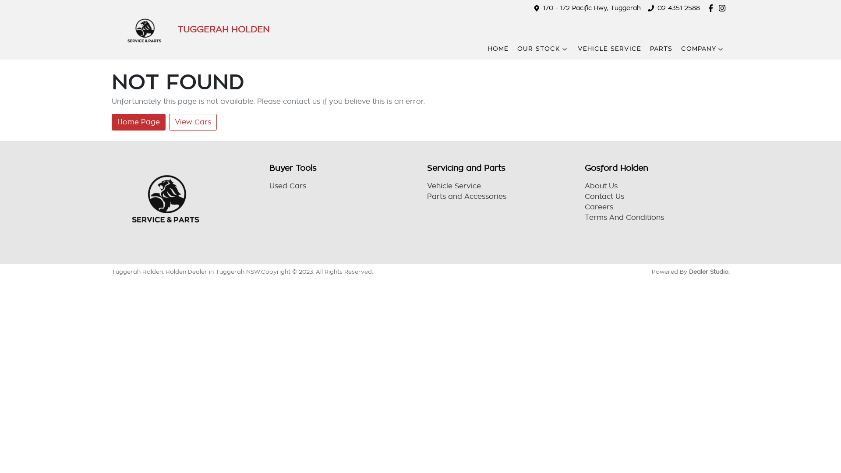 The height and width of the screenshot is (473, 841). What do you see at coordinates (427, 196) in the screenshot?
I see `'Parts and Accessories'` at bounding box center [427, 196].